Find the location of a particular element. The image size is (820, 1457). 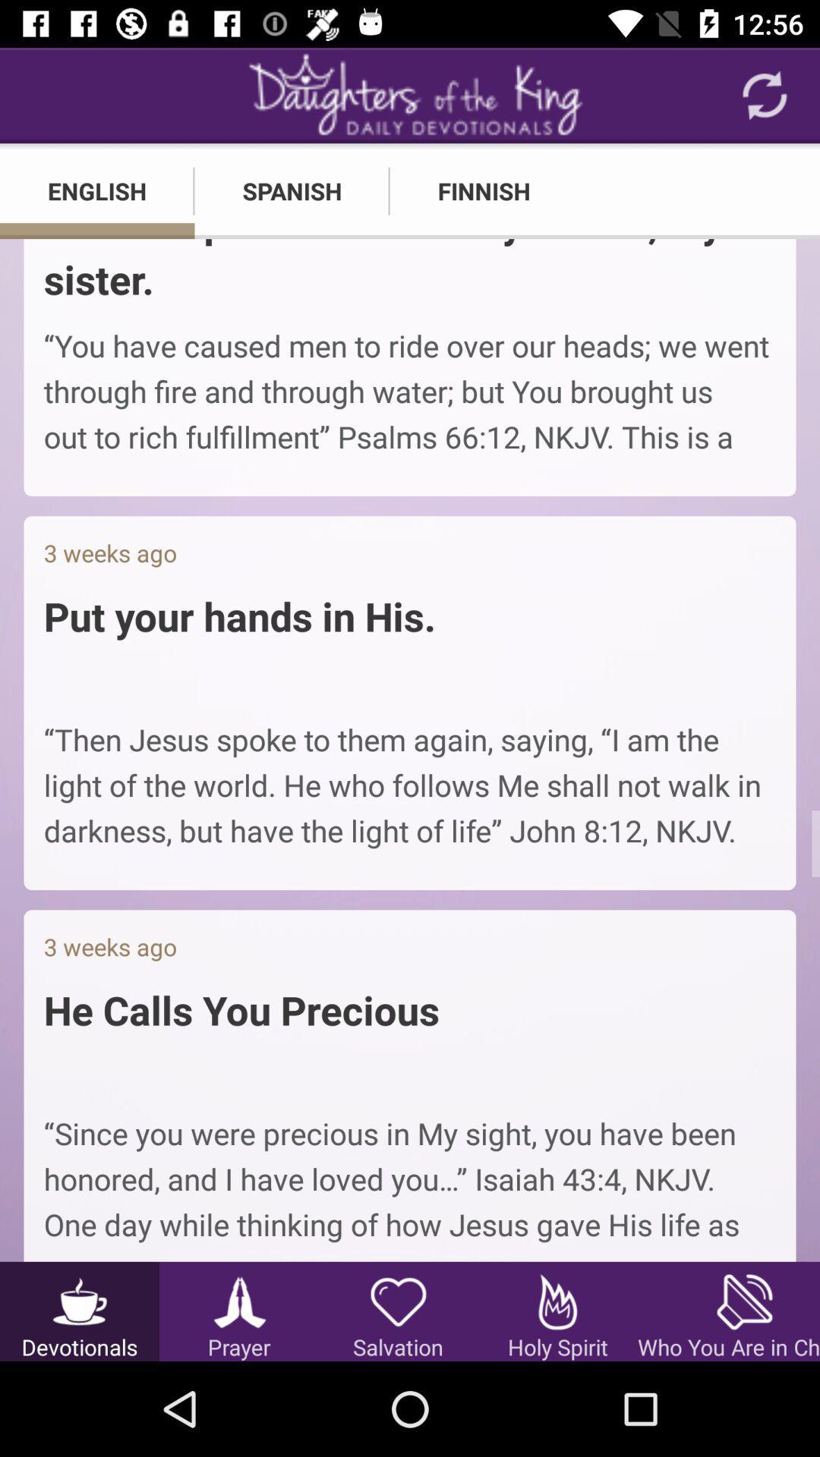

the refresh icon is located at coordinates (764, 94).